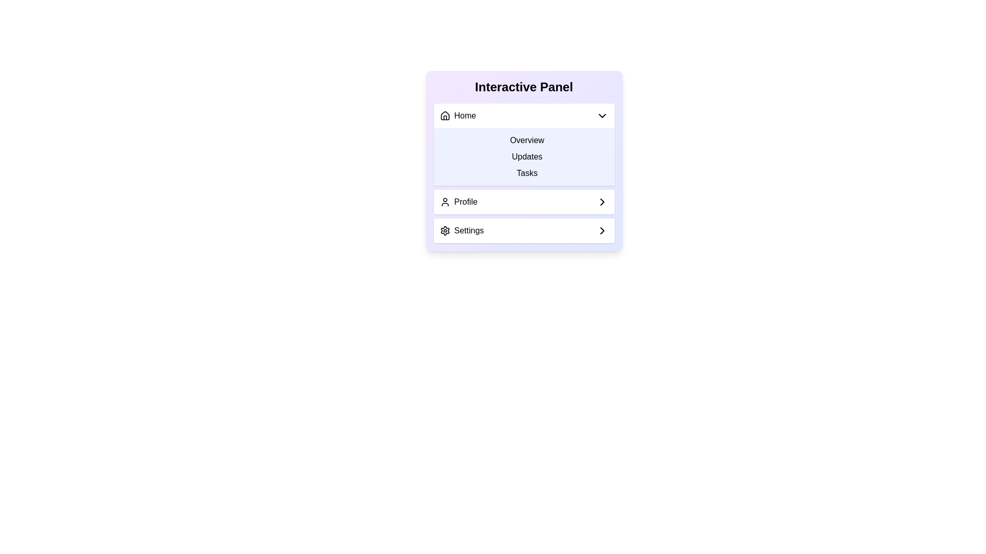 The height and width of the screenshot is (554, 986). I want to click on the right-pointing chevron icon in the Settings section of the interactive panel, which is styled with a thin stroke line and indicates navigation or advancement, so click(602, 231).